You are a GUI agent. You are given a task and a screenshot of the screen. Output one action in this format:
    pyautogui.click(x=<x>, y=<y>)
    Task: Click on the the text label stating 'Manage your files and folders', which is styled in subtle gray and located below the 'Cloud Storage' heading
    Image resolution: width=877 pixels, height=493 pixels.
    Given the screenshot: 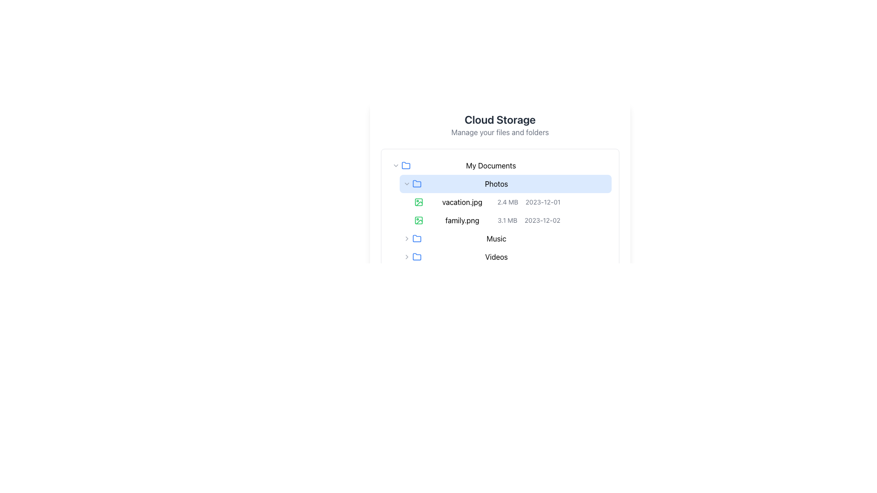 What is the action you would take?
    pyautogui.click(x=499, y=132)
    